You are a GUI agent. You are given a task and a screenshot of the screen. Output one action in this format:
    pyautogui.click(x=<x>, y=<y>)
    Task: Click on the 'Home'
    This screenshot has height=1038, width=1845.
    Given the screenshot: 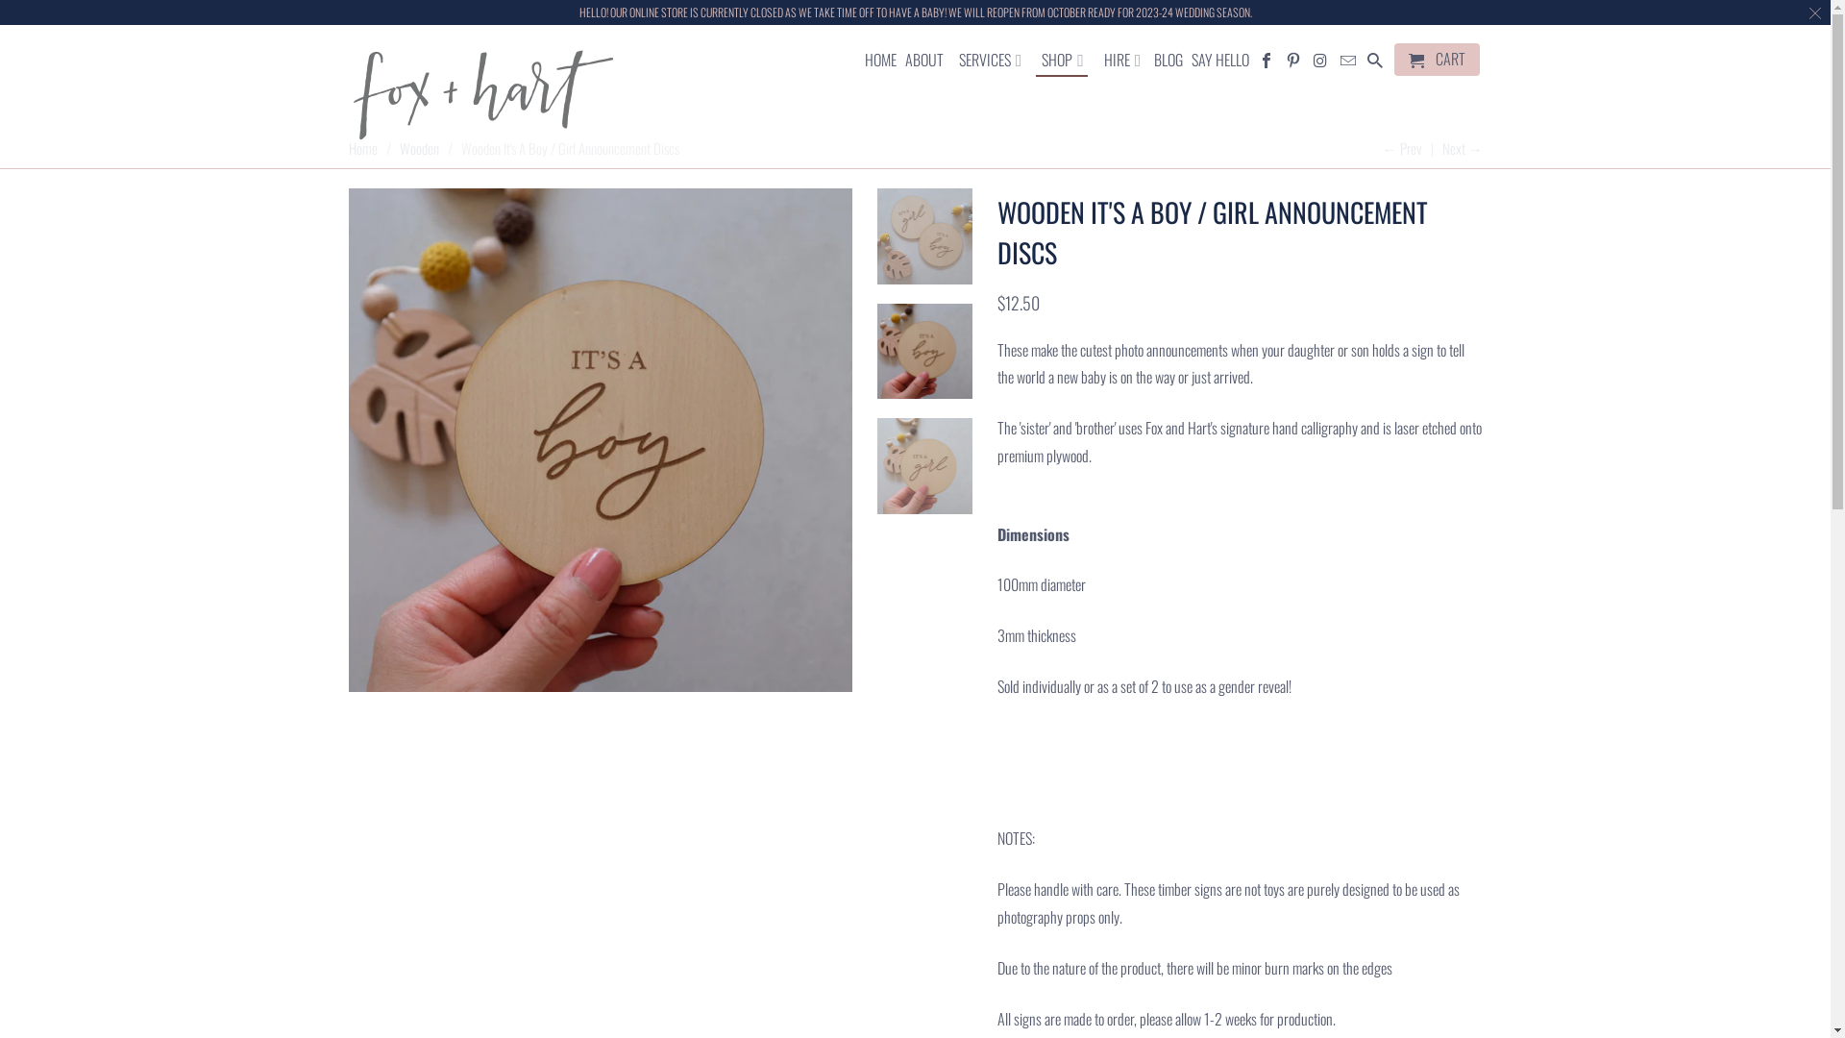 What is the action you would take?
    pyautogui.click(x=362, y=147)
    